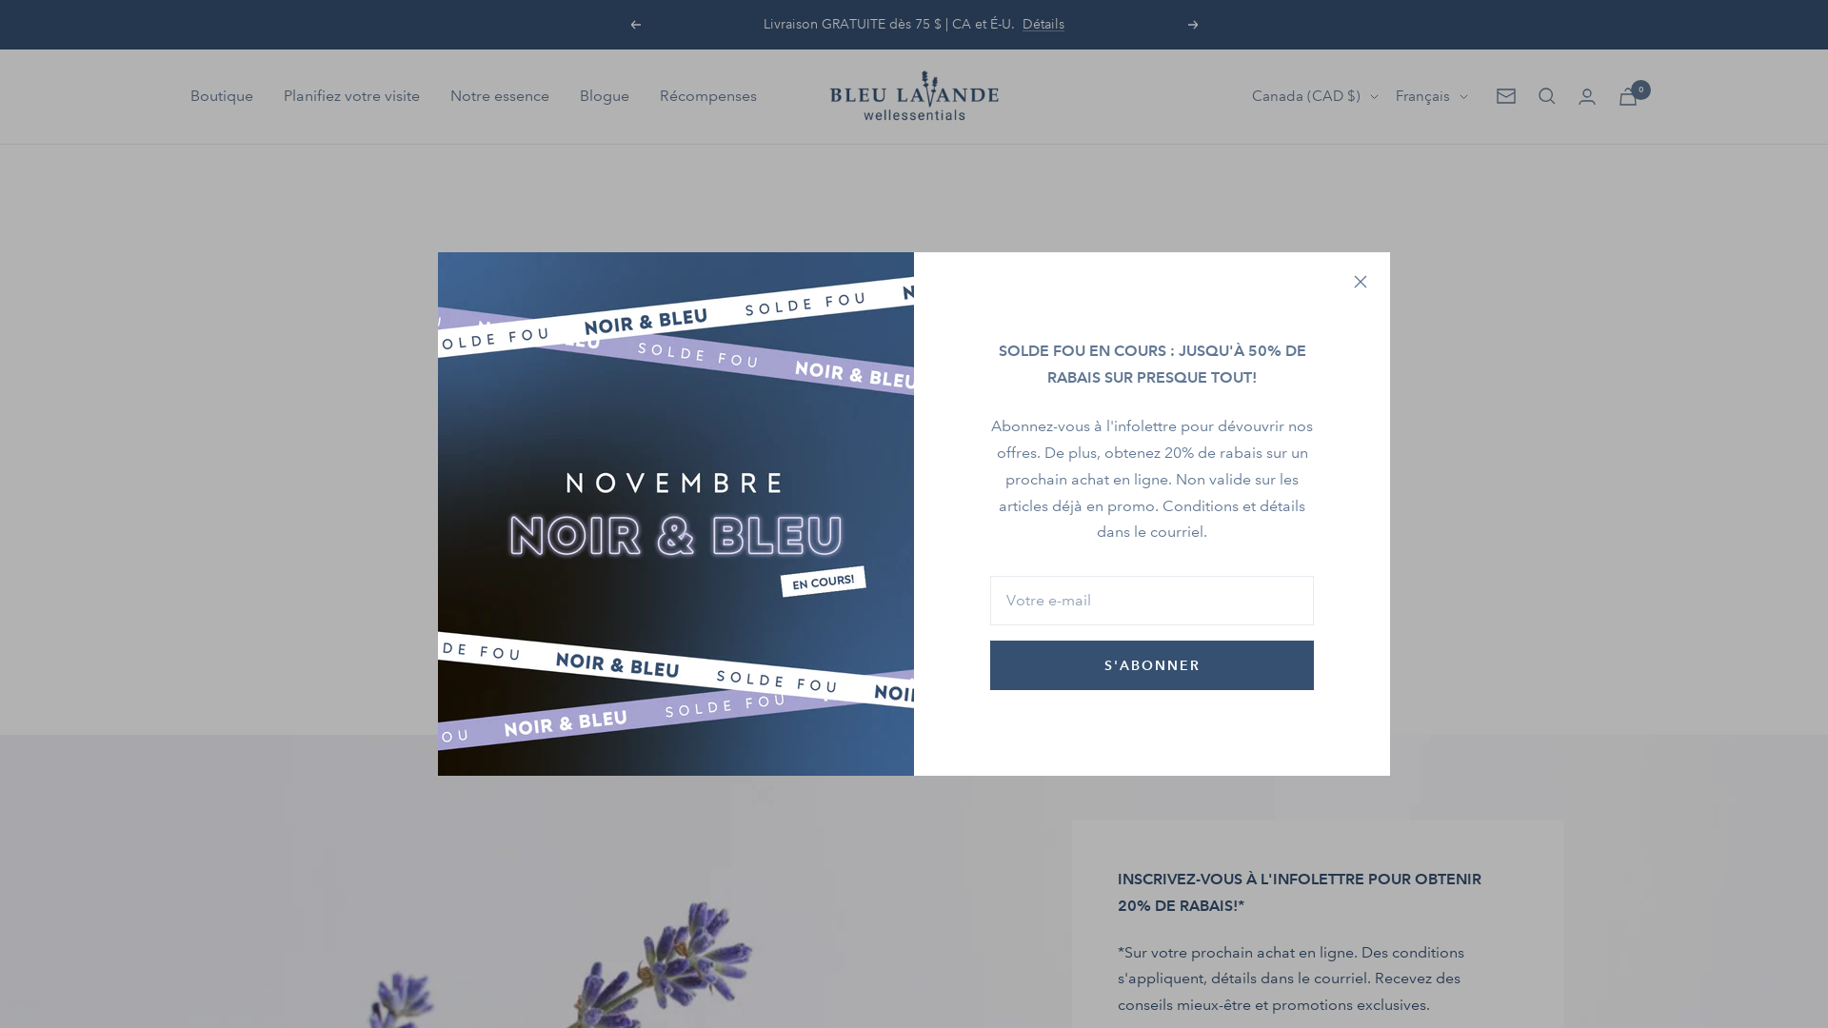  What do you see at coordinates (1505, 95) in the screenshot?
I see `'Newsletter'` at bounding box center [1505, 95].